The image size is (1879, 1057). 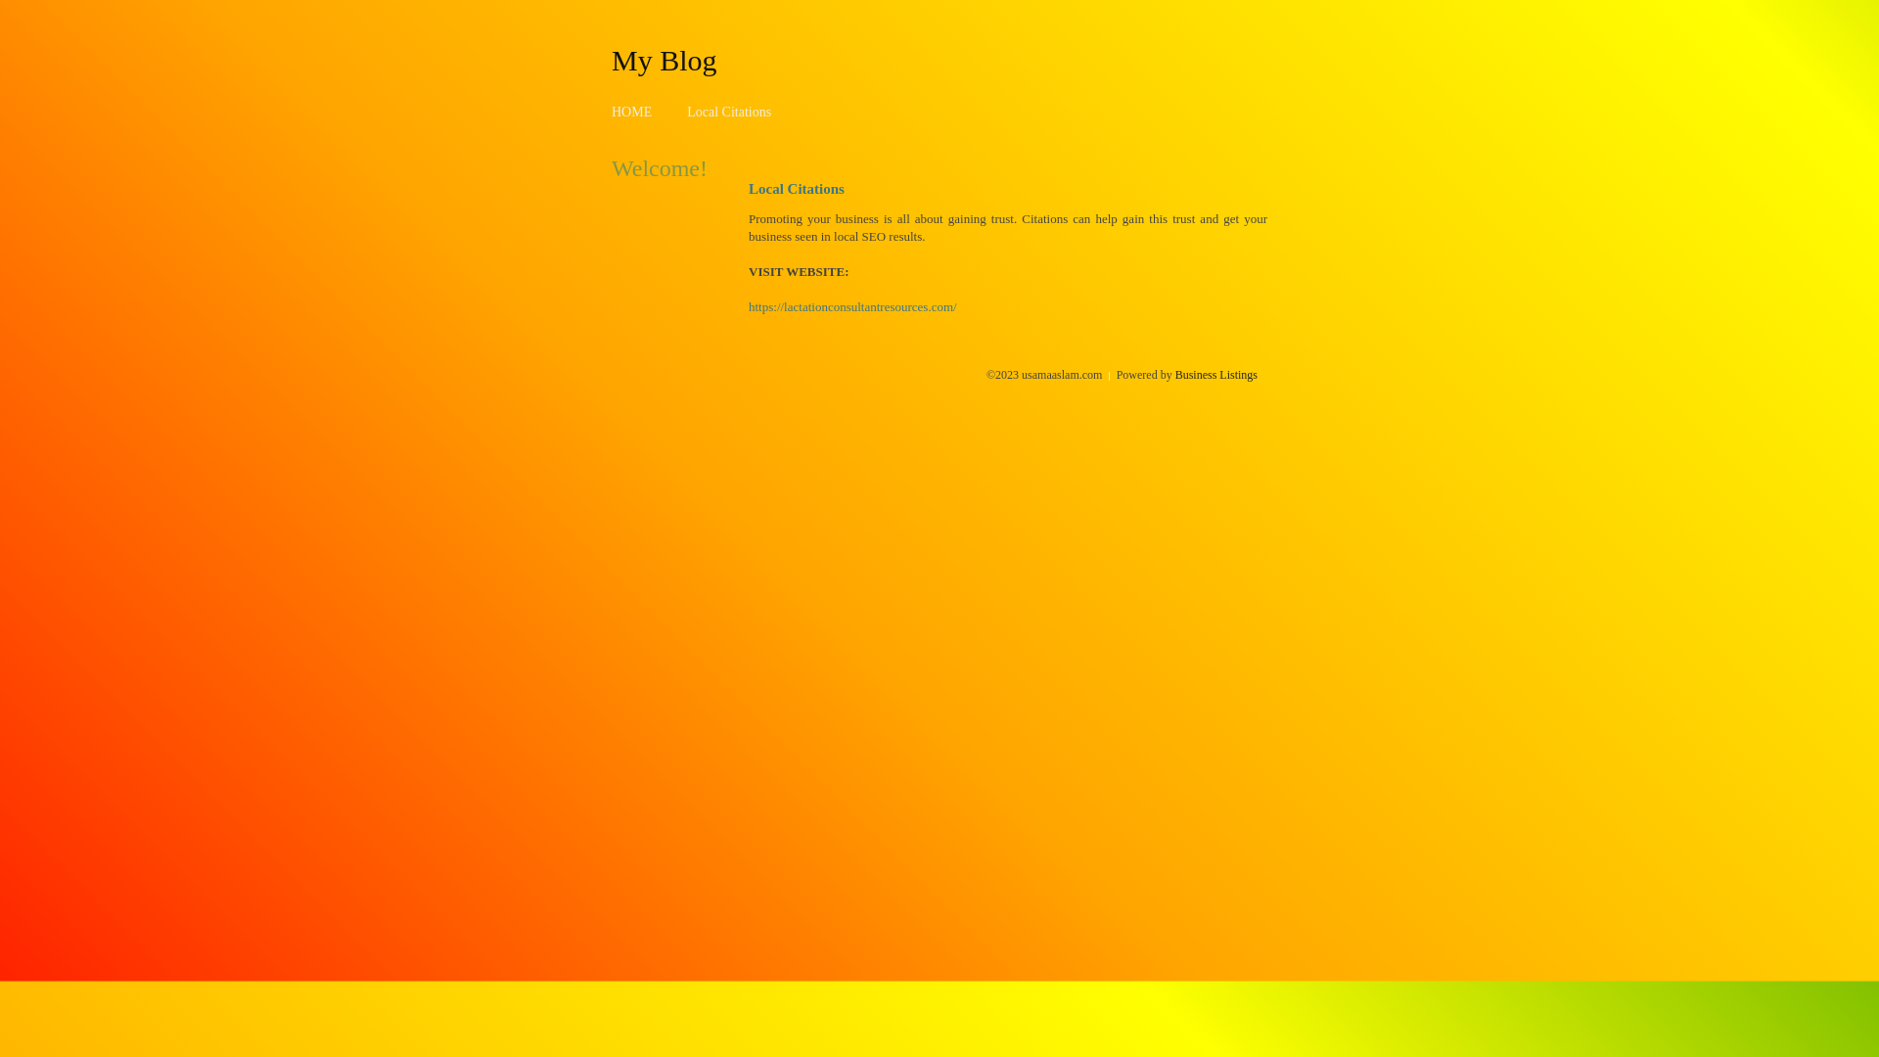 What do you see at coordinates (631, 112) in the screenshot?
I see `'HOME'` at bounding box center [631, 112].